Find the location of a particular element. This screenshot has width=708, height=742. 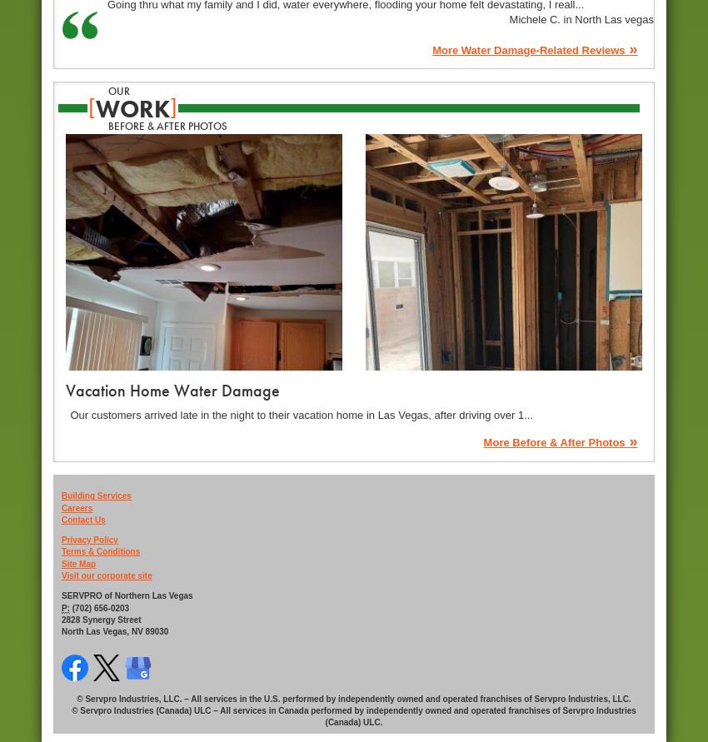

'© Servpro Industries (Canada) ULC – All services in Canada performed by independently owned and operated franchises of Servpro Industries (Canada) ULC.' is located at coordinates (71, 715).